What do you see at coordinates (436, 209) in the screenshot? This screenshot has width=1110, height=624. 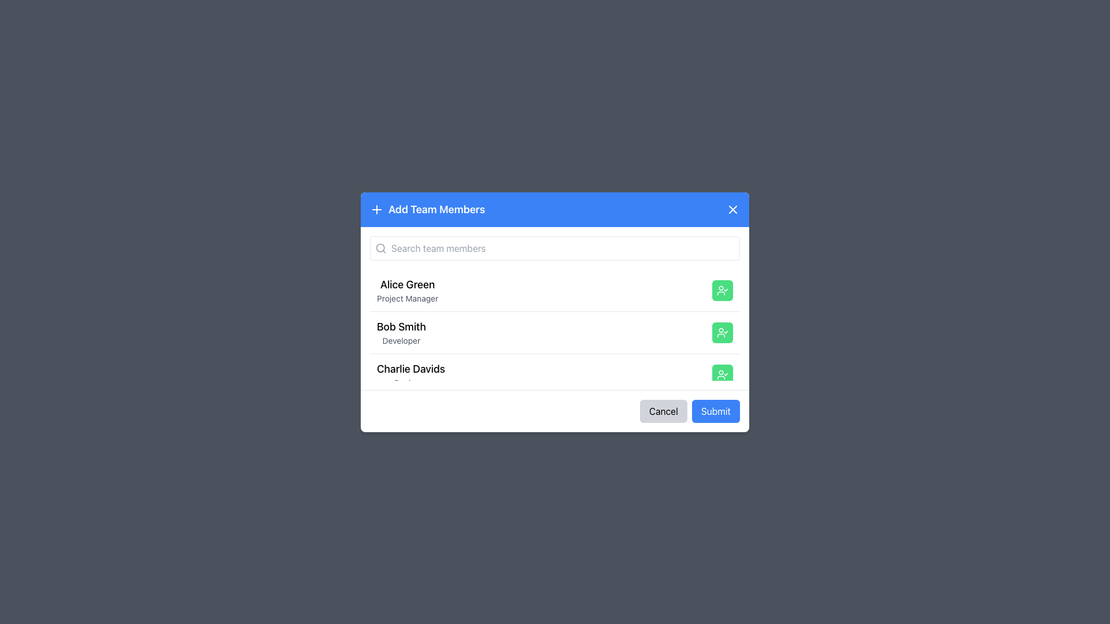 I see `the text label that reads 'Add Team Members' which is styled in bold on a blue bar at the top of the modal window` at bounding box center [436, 209].